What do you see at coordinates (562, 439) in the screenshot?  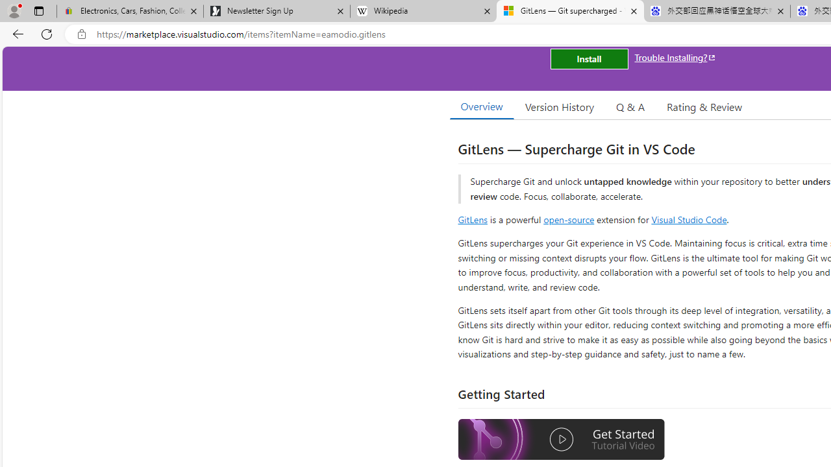 I see `'Watch the GitLens Getting Started video'` at bounding box center [562, 439].